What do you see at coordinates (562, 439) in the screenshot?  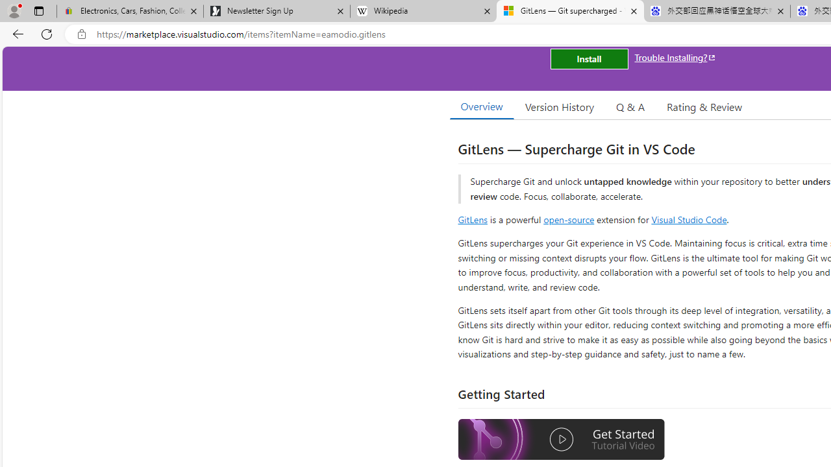 I see `'Watch the GitLens Getting Started video'` at bounding box center [562, 439].